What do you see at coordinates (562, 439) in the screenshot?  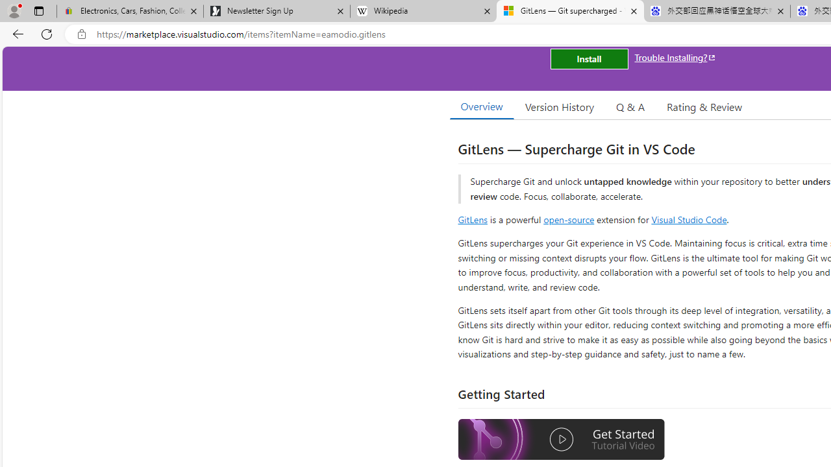 I see `'Watch the GitLens Getting Started video'` at bounding box center [562, 439].